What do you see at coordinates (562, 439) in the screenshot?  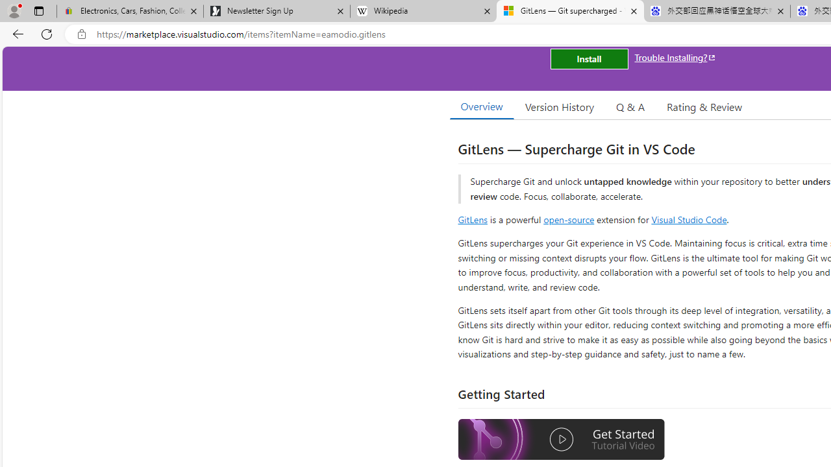 I see `'Watch the GitLens Getting Started video'` at bounding box center [562, 439].